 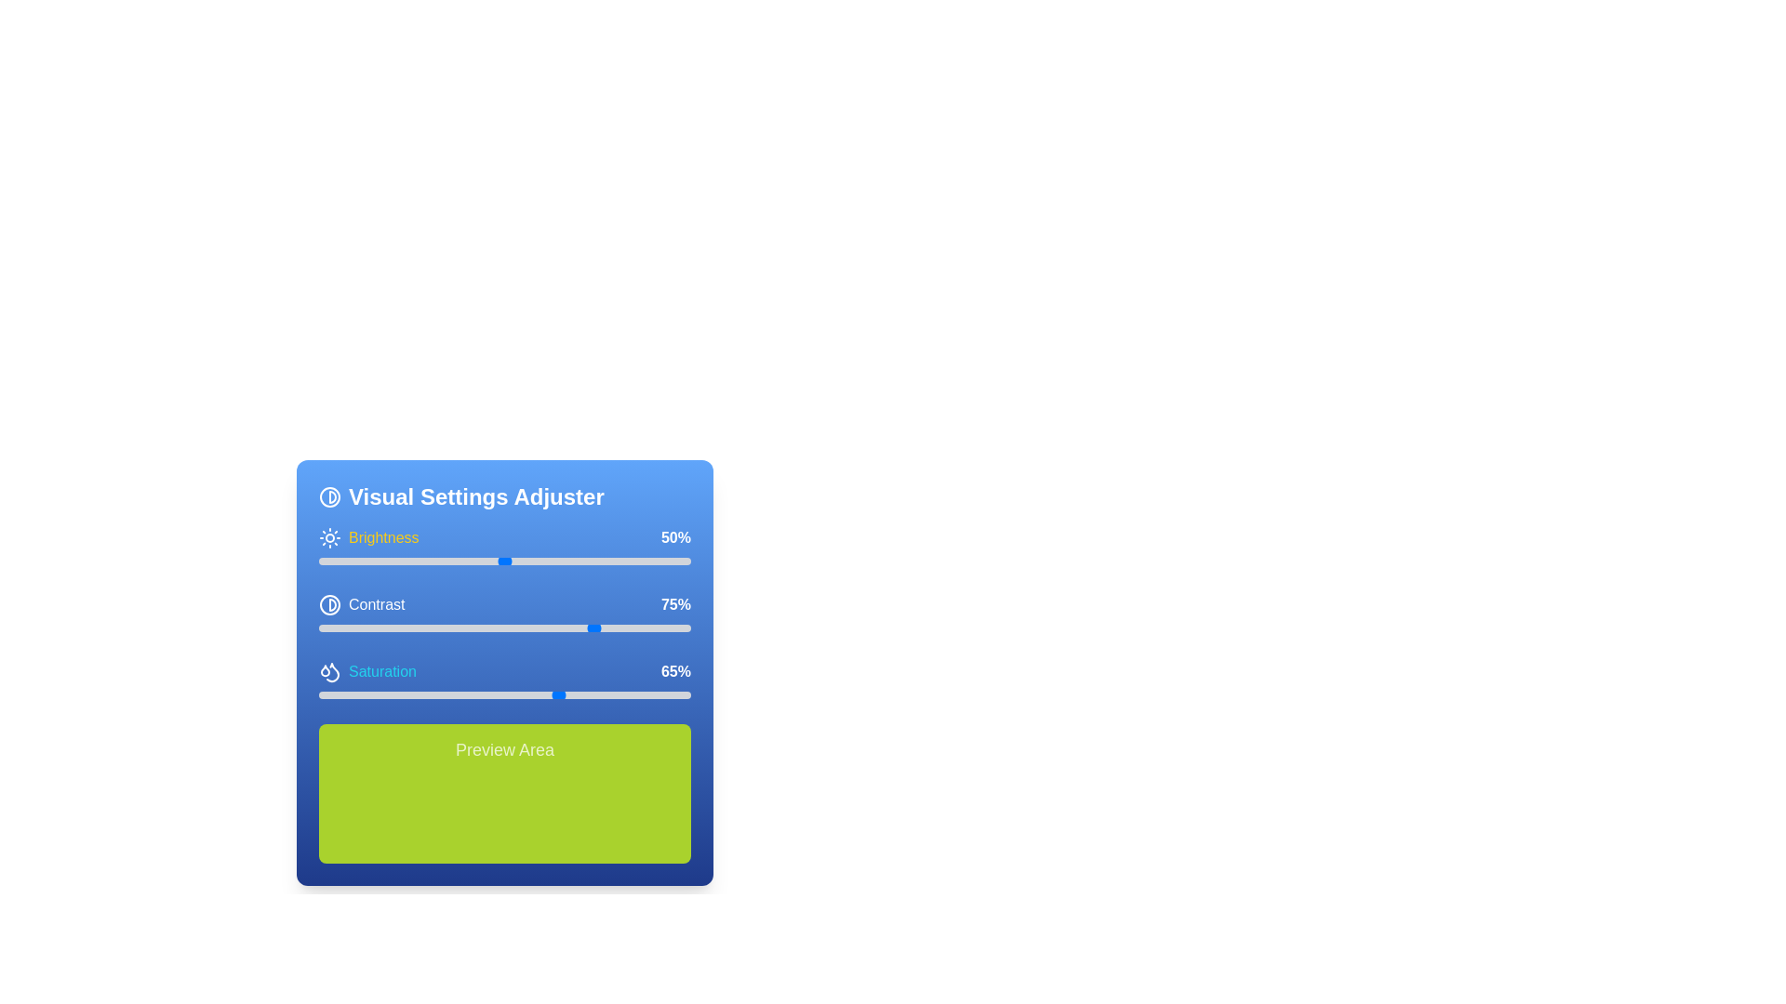 What do you see at coordinates (616, 695) in the screenshot?
I see `saturation` at bounding box center [616, 695].